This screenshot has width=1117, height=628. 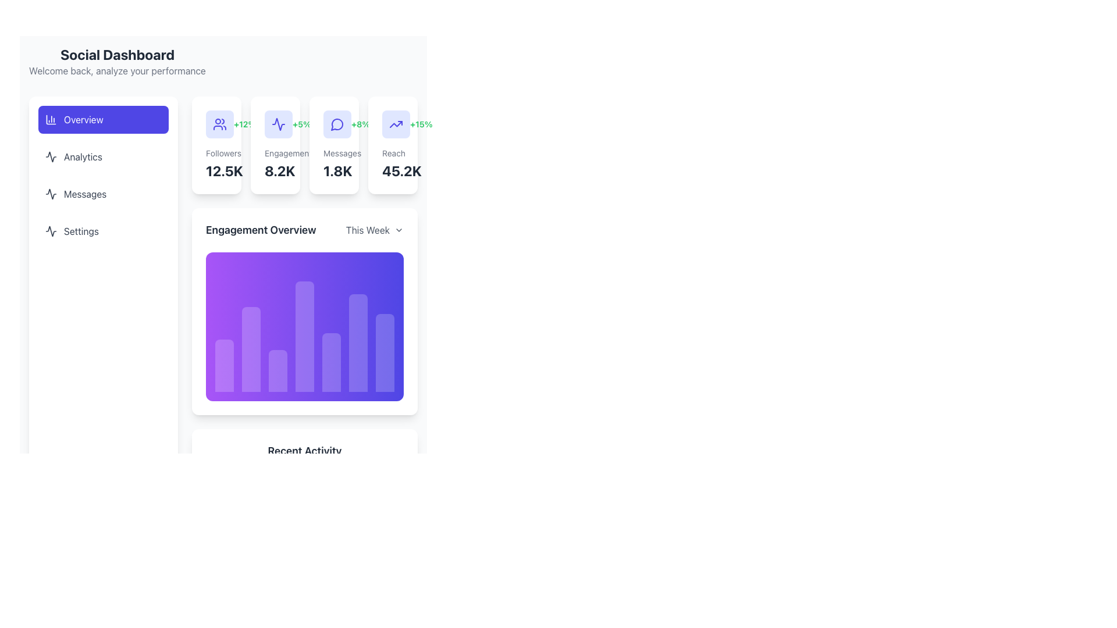 I want to click on the third button, so click(x=103, y=194).